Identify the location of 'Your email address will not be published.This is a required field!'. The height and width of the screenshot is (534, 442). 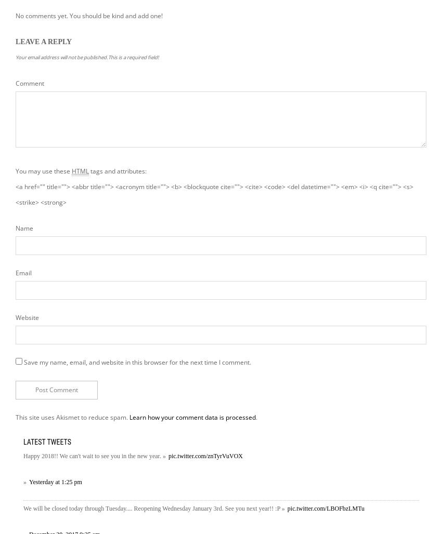
(87, 56).